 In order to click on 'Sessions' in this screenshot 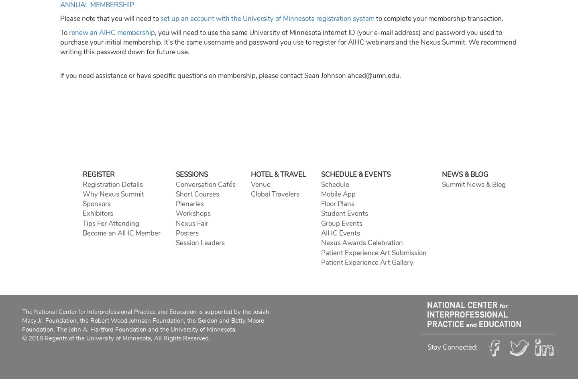, I will do `click(175, 174)`.